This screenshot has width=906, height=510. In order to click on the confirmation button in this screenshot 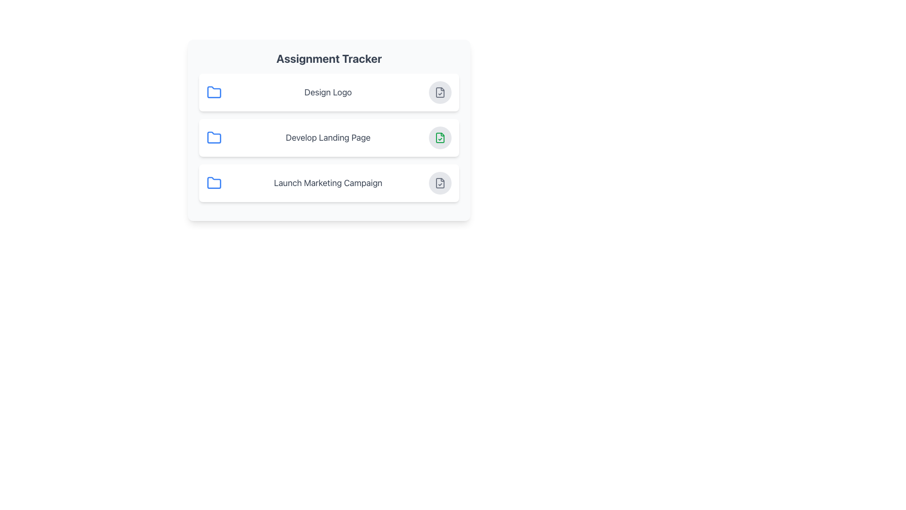, I will do `click(439, 138)`.